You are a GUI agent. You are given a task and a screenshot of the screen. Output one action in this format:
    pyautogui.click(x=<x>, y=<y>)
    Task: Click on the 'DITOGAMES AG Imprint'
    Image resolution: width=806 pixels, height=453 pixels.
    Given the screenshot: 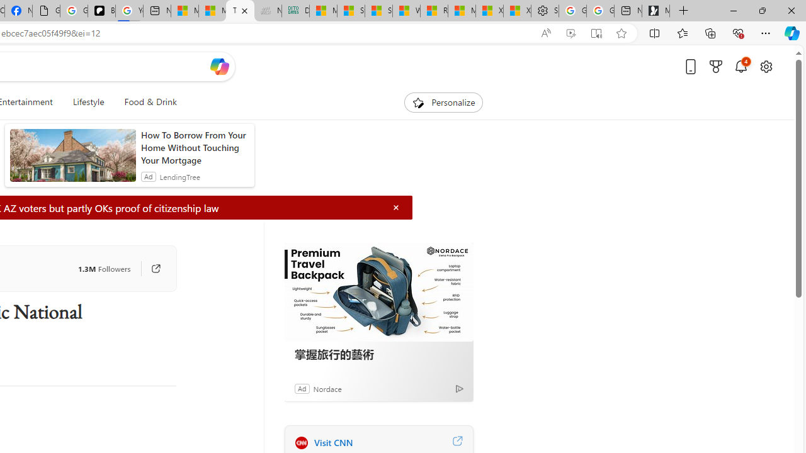 What is the action you would take?
    pyautogui.click(x=295, y=11)
    